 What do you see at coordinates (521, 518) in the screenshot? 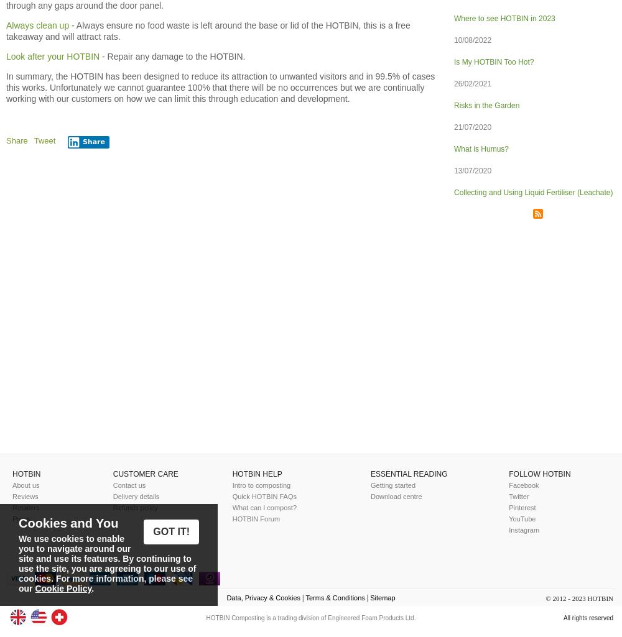
I see `'YouTube'` at bounding box center [521, 518].